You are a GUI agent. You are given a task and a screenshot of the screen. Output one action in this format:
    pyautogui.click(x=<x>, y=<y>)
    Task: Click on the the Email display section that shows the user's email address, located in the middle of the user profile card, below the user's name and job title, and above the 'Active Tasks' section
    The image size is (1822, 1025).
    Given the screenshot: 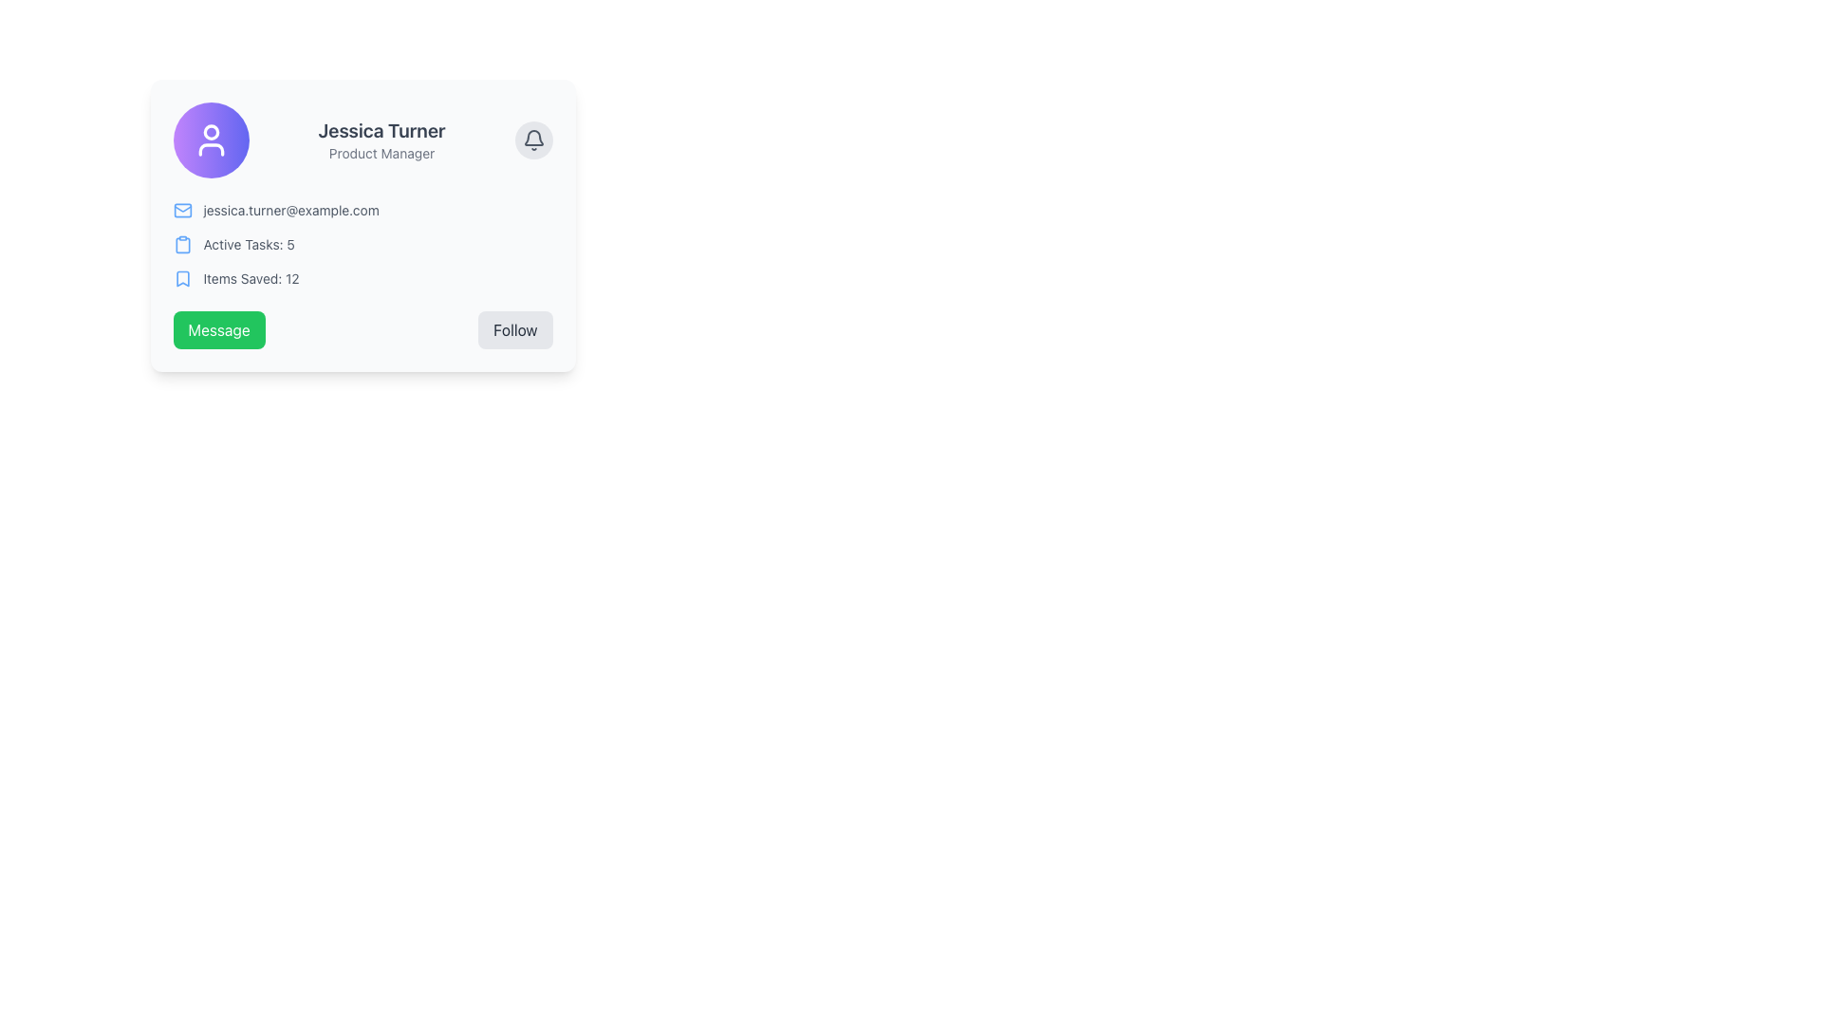 What is the action you would take?
    pyautogui.click(x=363, y=211)
    